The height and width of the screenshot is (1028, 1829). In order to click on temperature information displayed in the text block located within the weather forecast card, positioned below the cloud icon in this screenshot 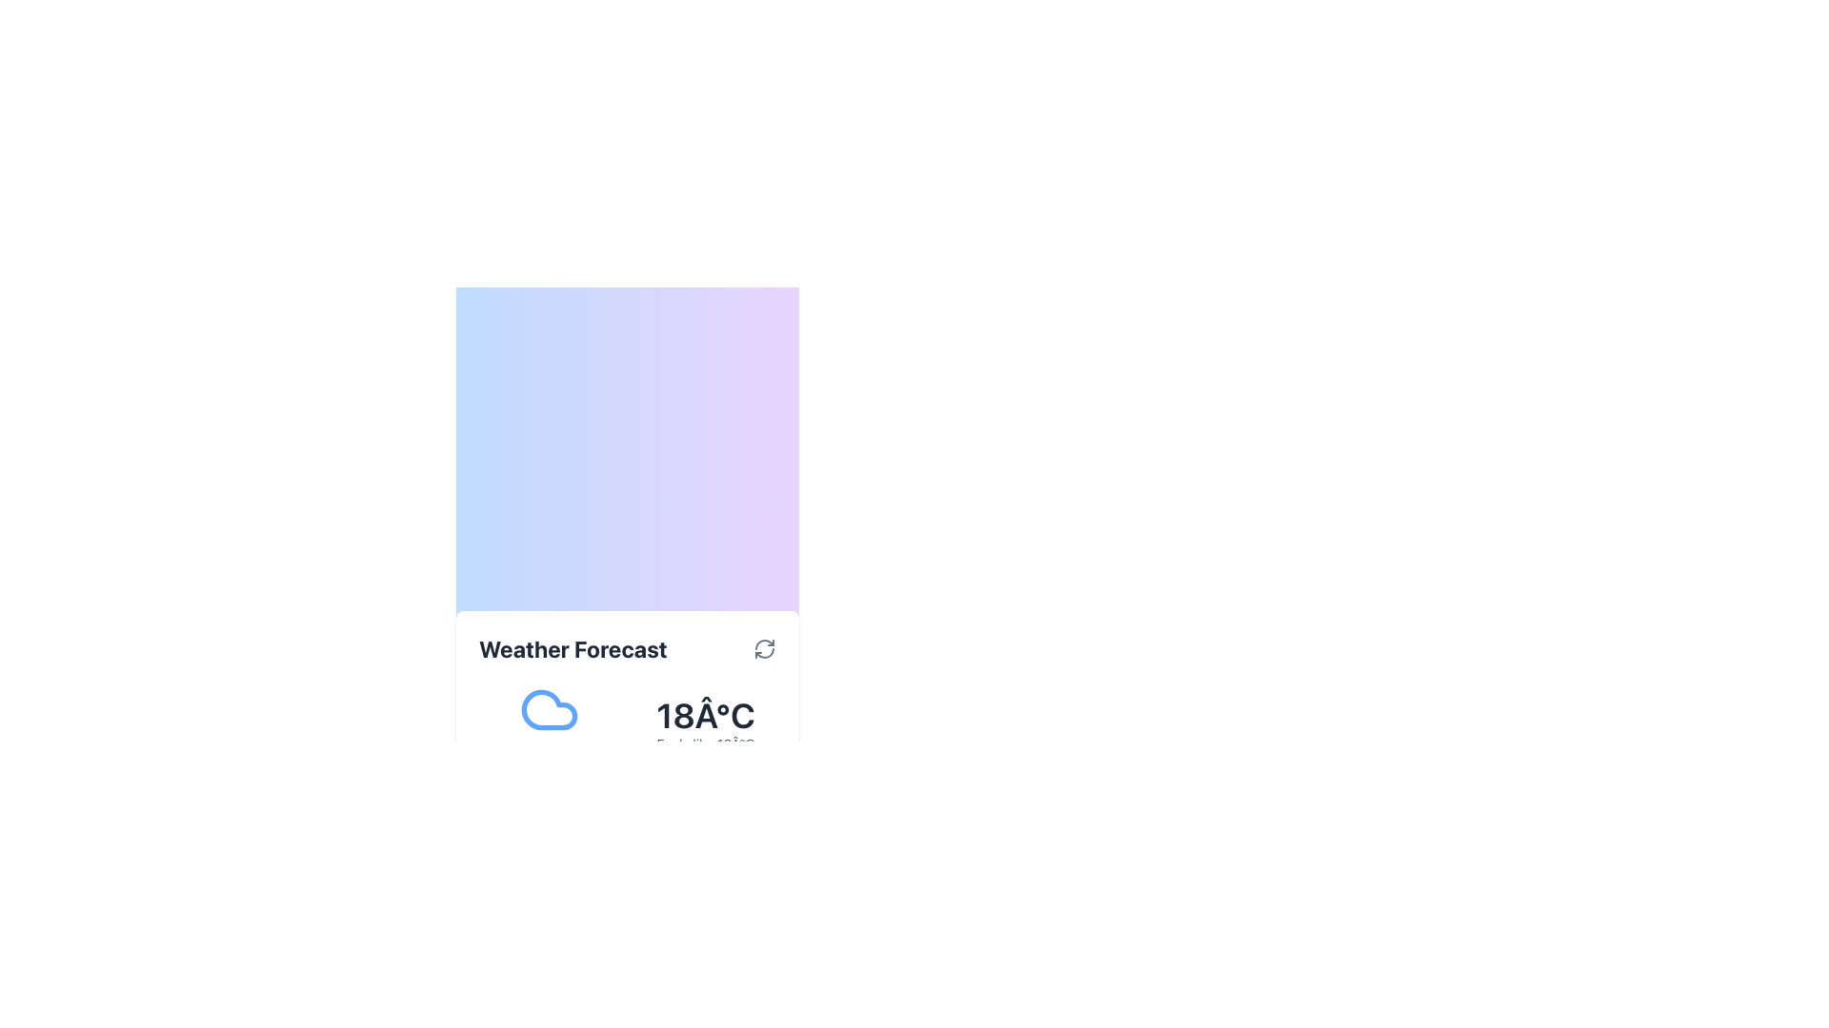, I will do `click(704, 725)`.